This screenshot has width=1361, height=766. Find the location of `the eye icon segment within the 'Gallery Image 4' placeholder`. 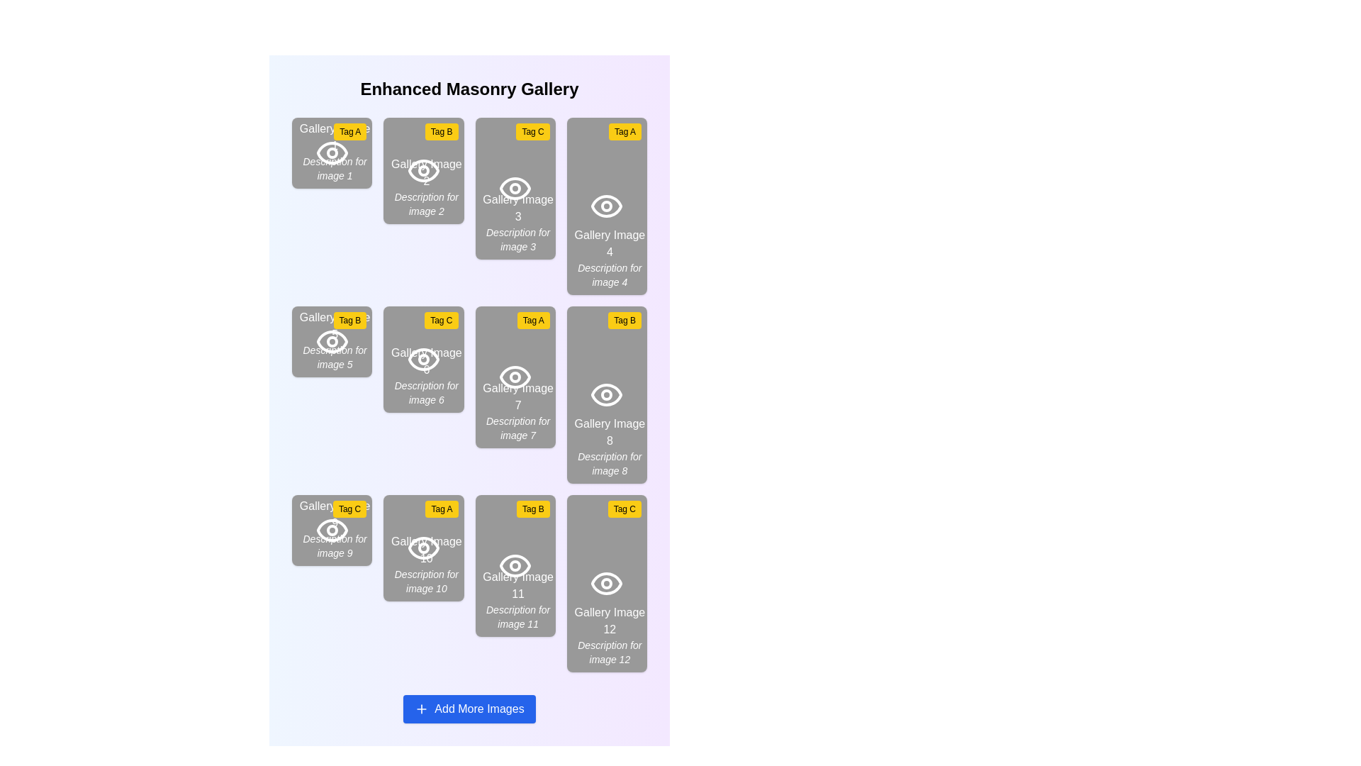

the eye icon segment within the 'Gallery Image 4' placeholder is located at coordinates (606, 206).